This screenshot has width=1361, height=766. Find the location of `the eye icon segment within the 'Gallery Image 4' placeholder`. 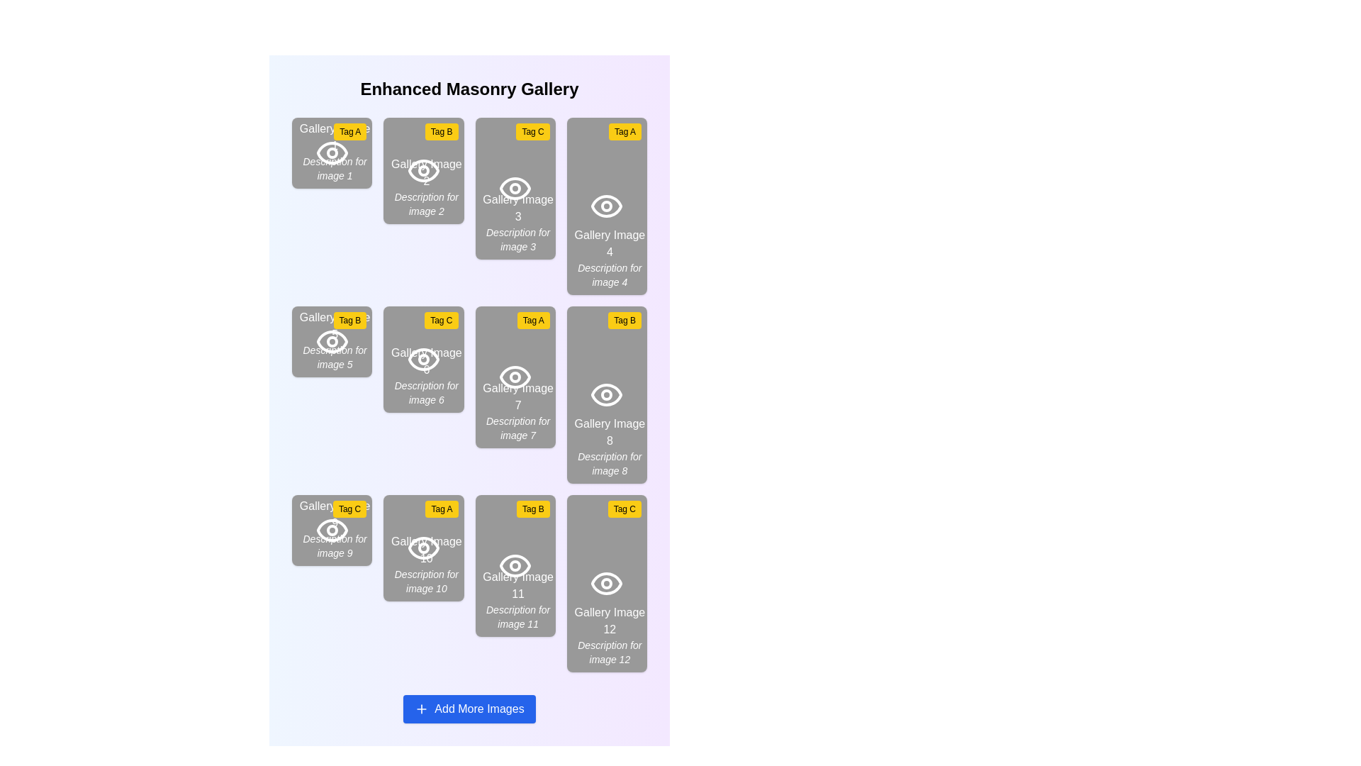

the eye icon segment within the 'Gallery Image 4' placeholder is located at coordinates (606, 206).